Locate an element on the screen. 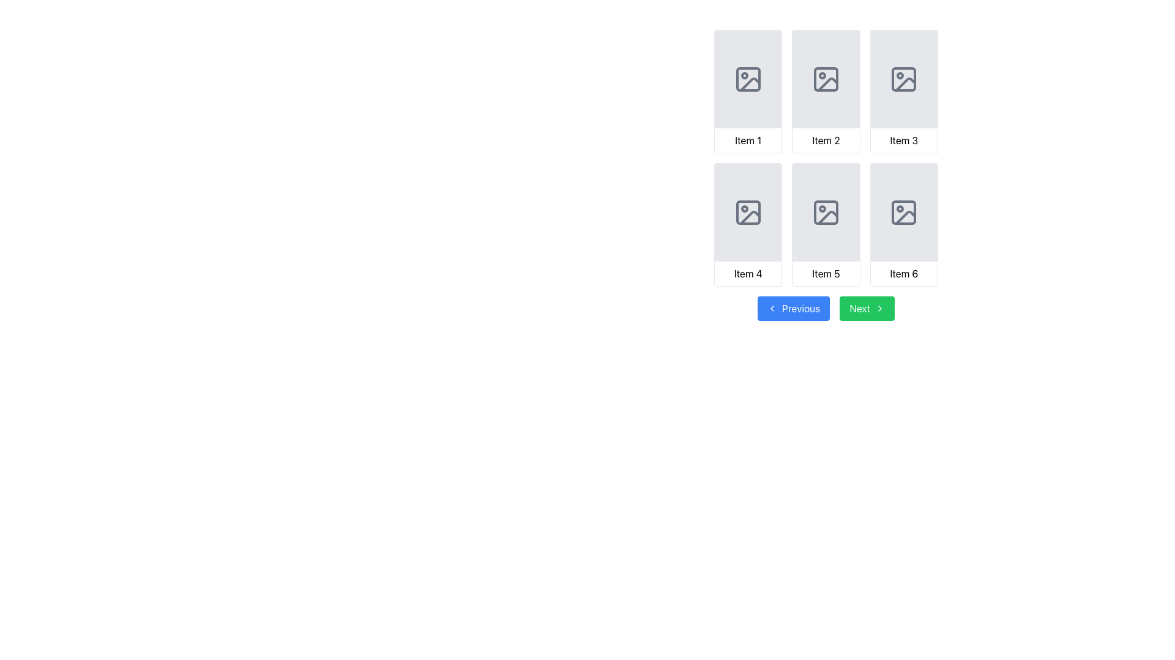 The width and height of the screenshot is (1175, 660). the green rectangular 'Next' button with rounded corners is located at coordinates (867, 308).